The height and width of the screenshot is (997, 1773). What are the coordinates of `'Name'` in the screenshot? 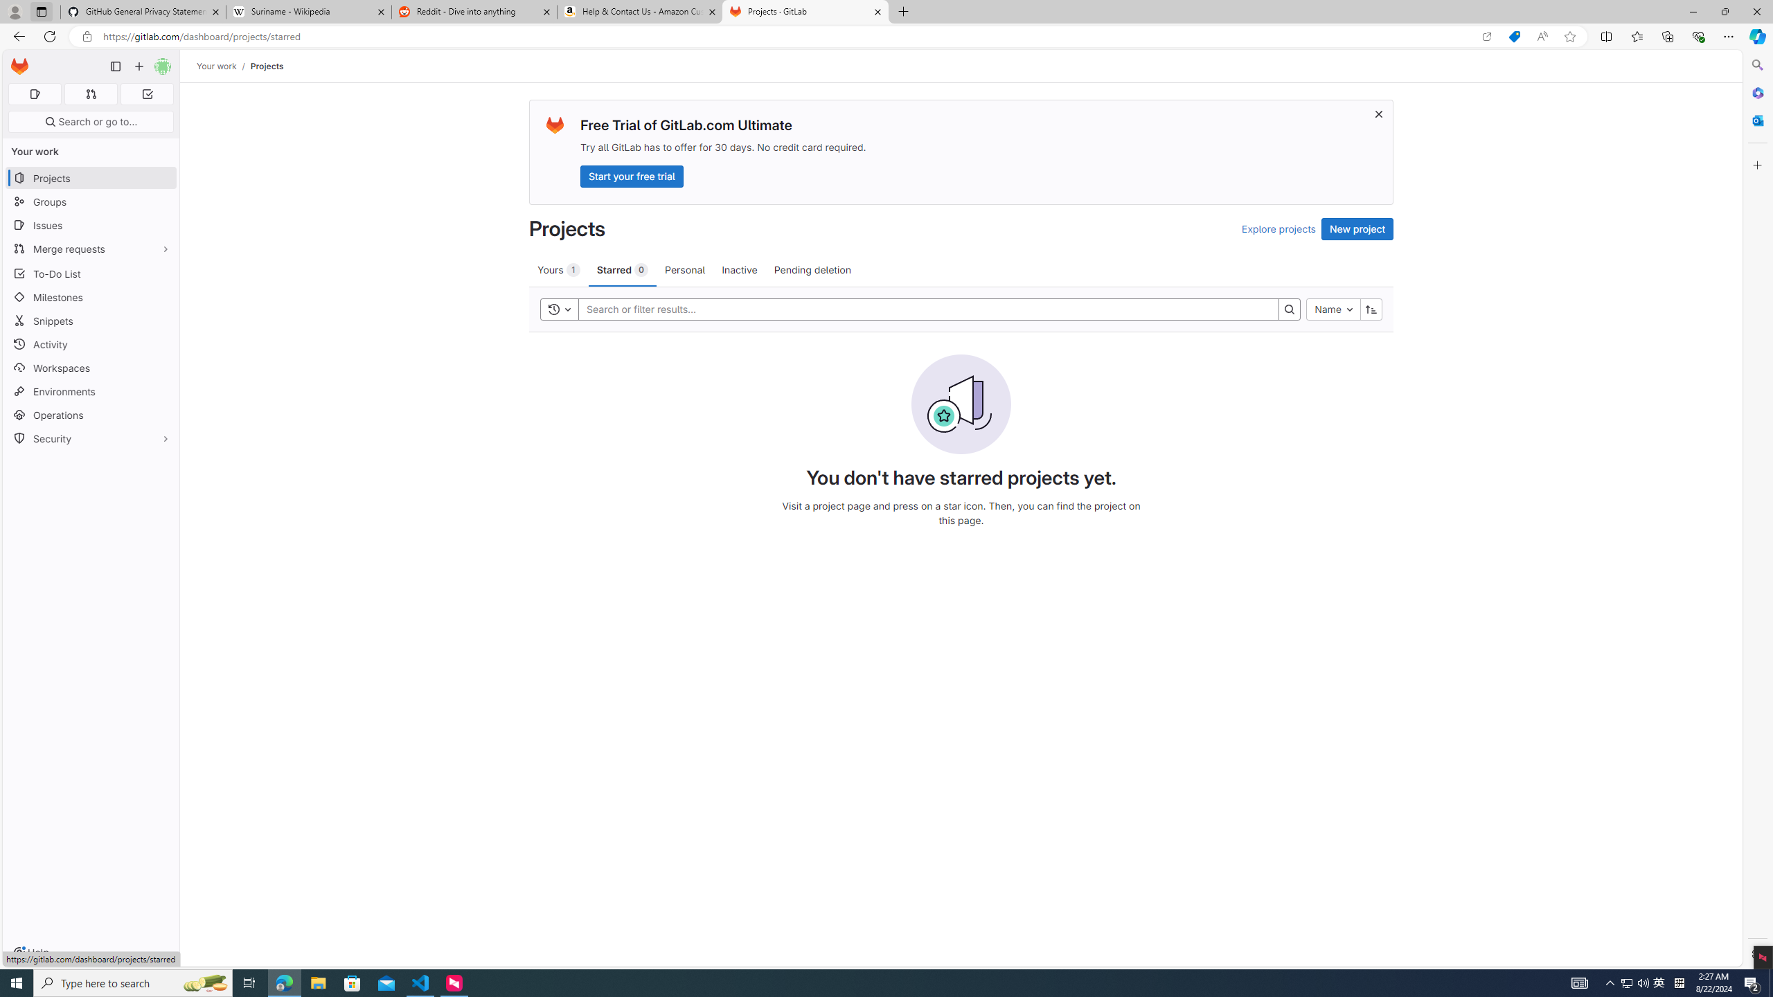 It's located at (1333, 309).